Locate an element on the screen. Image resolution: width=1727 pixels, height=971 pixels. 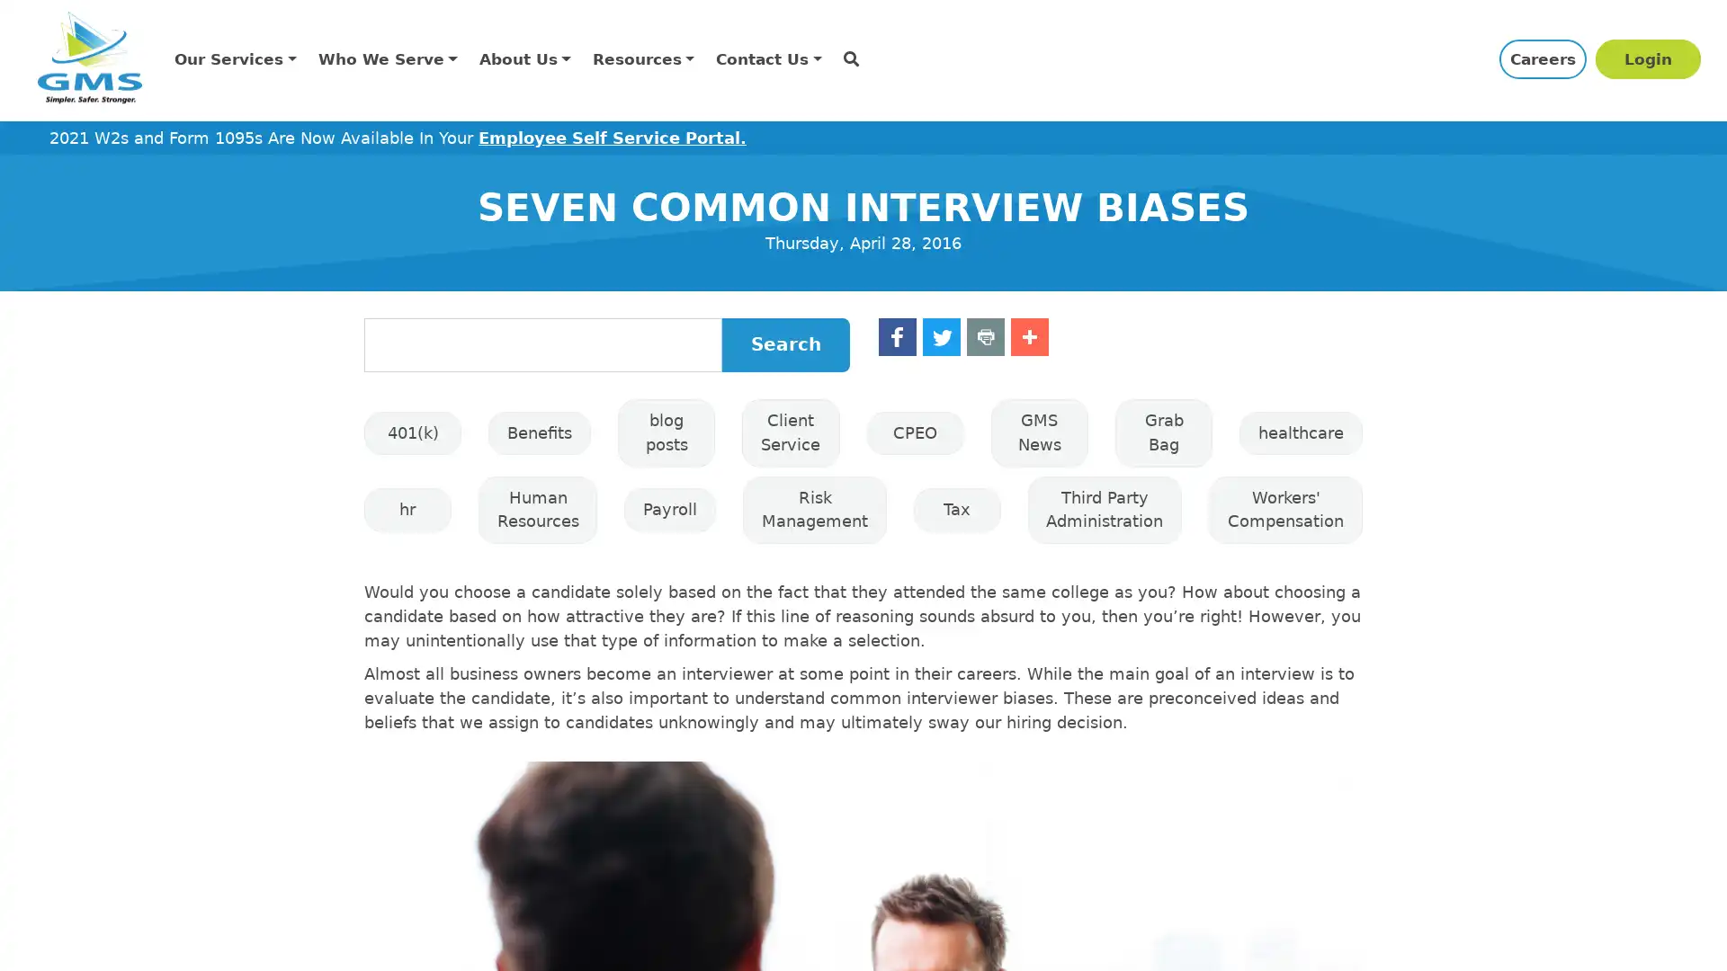
Share to Twitter Twitter is located at coordinates (1029, 339).